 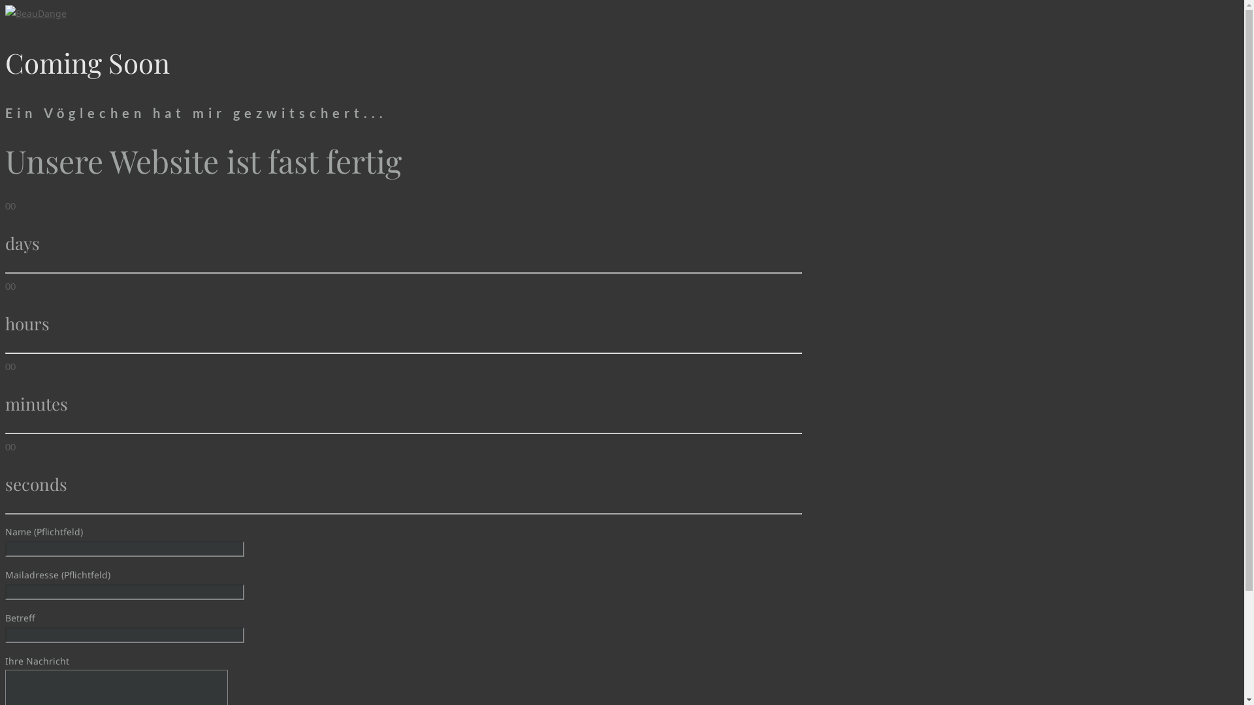 What do you see at coordinates (35, 13) in the screenshot?
I see `'BeauDange'` at bounding box center [35, 13].